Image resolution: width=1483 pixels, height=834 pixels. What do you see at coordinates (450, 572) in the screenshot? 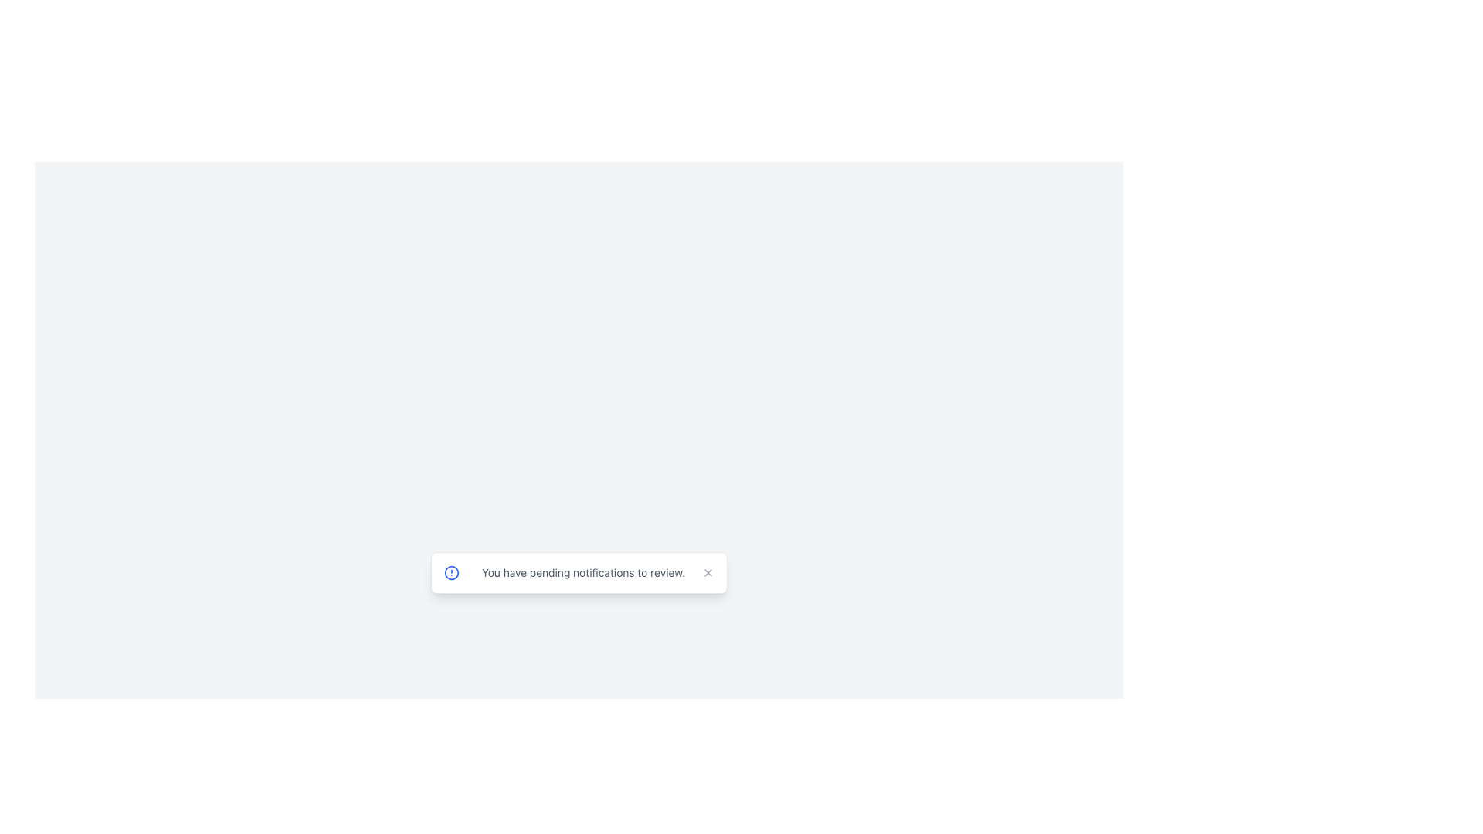
I see `the circular blue outlined icon with a central exclamation mark that indicates alerts, located on the left side of the notification banner` at bounding box center [450, 572].